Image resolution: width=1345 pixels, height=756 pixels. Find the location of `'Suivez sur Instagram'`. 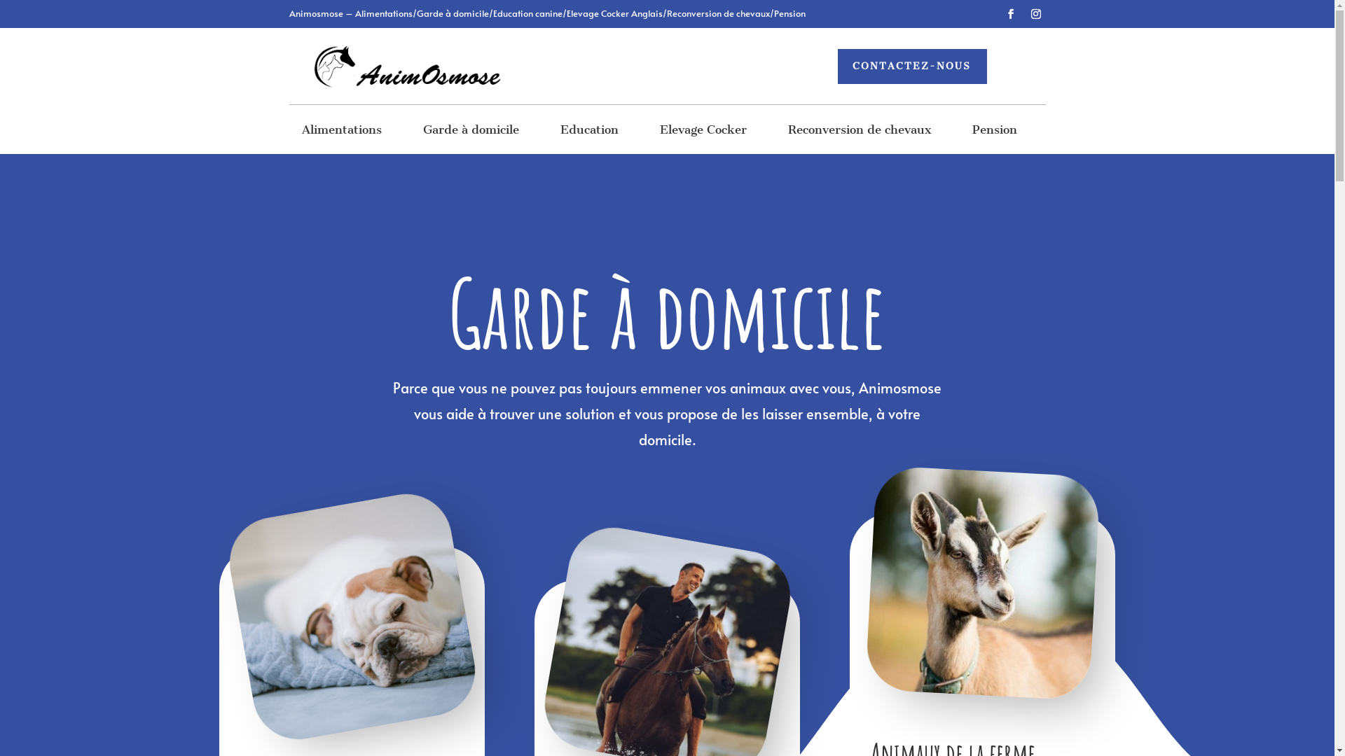

'Suivez sur Instagram' is located at coordinates (1035, 13).